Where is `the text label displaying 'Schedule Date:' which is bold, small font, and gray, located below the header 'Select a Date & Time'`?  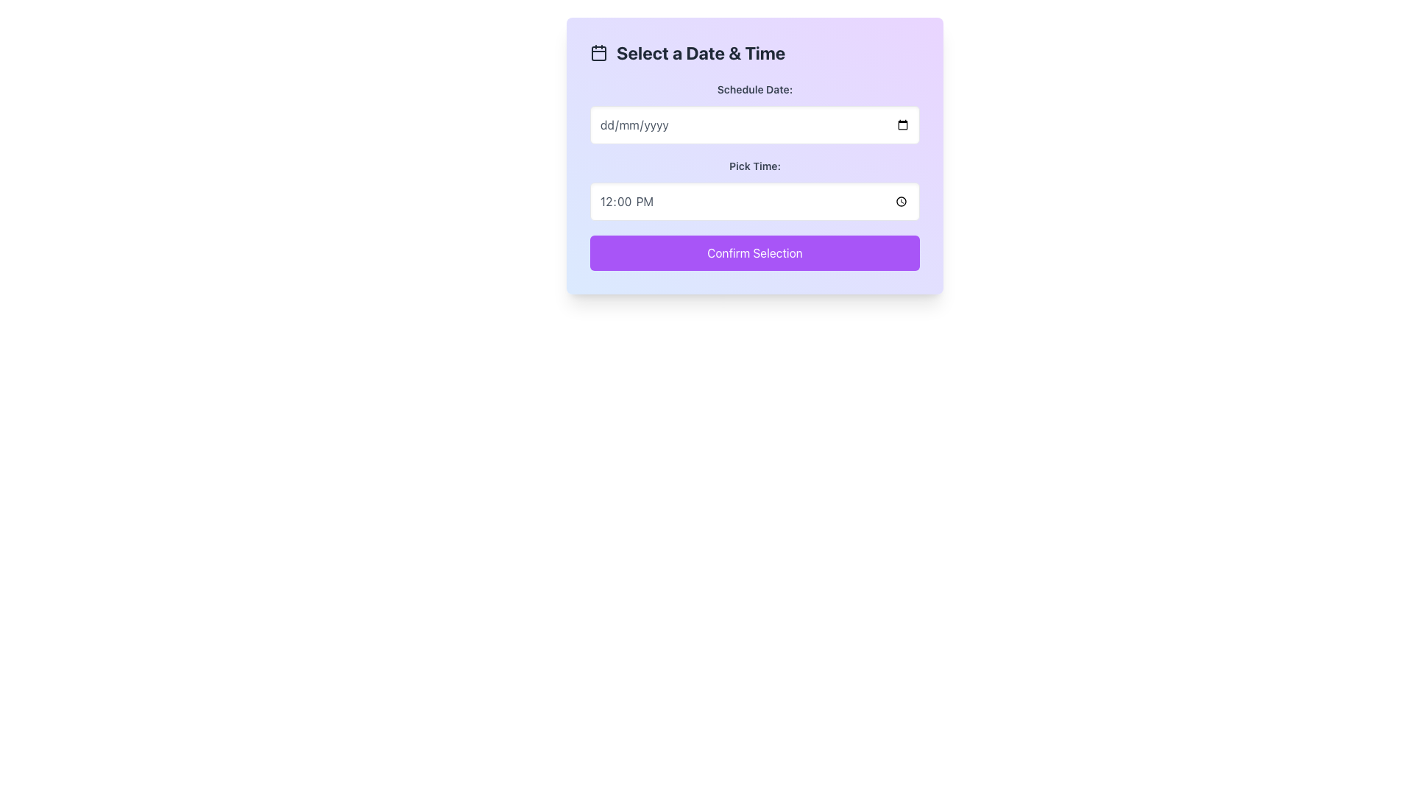
the text label displaying 'Schedule Date:' which is bold, small font, and gray, located below the header 'Select a Date & Time' is located at coordinates (755, 90).